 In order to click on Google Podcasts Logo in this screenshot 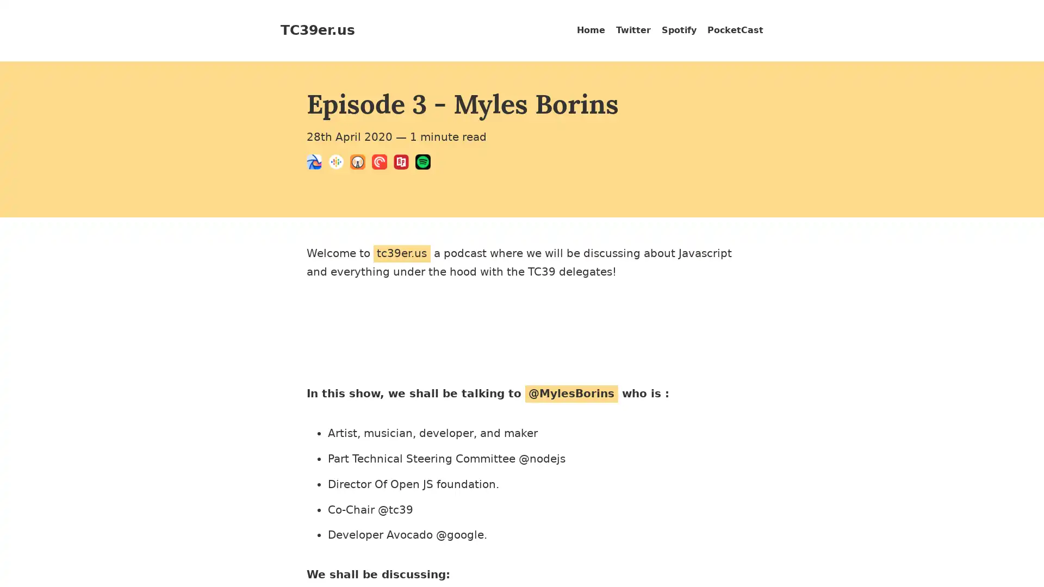, I will do `click(339, 164)`.